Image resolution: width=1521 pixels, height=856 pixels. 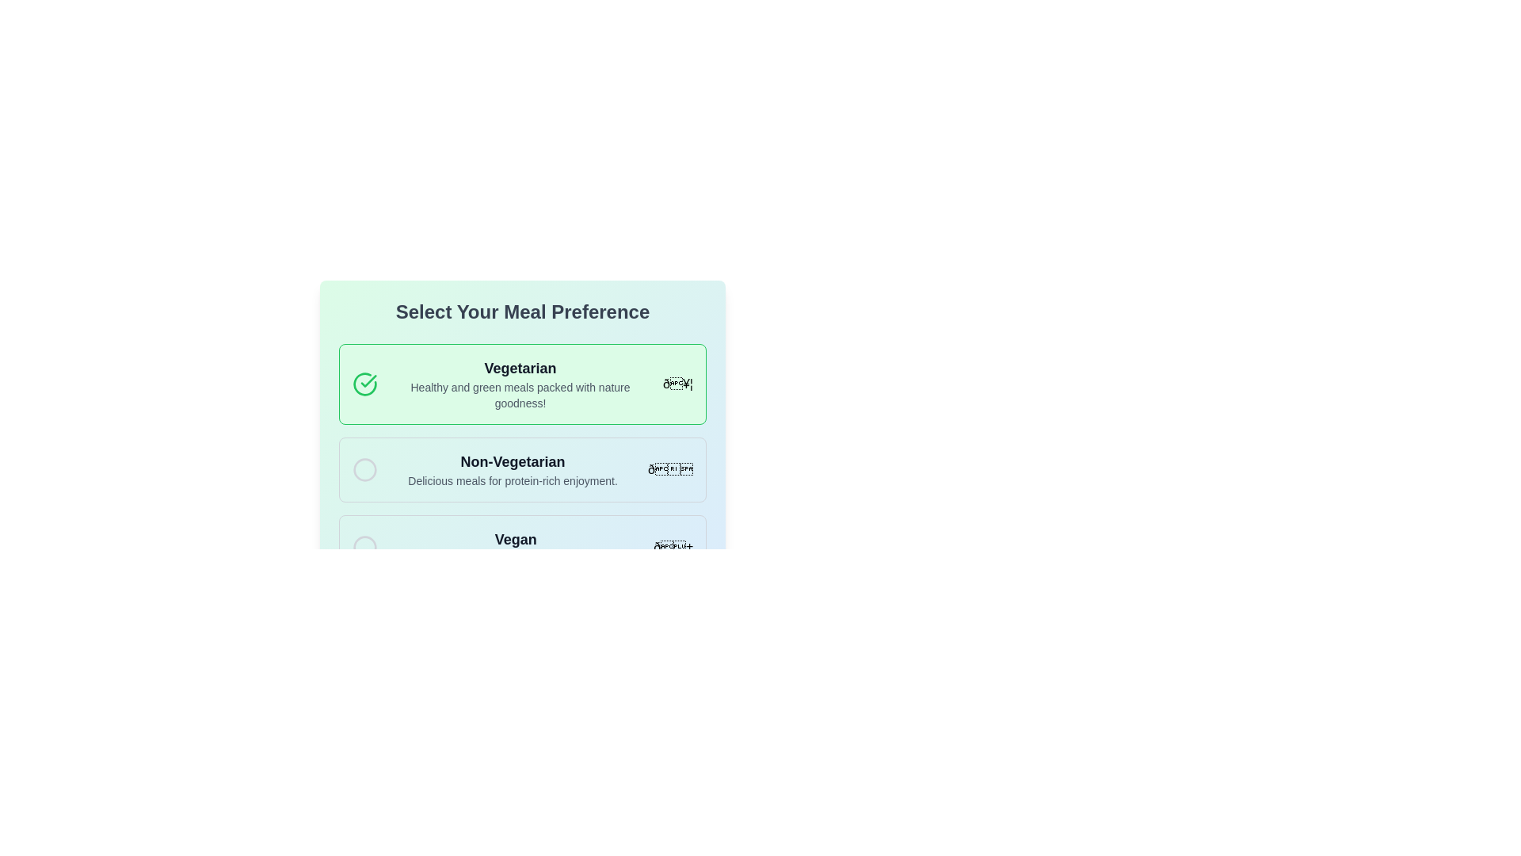 I want to click on the 'Vegetarian' option in the meal preference selection interface, which is the first selectable card in the list, so click(x=523, y=384).